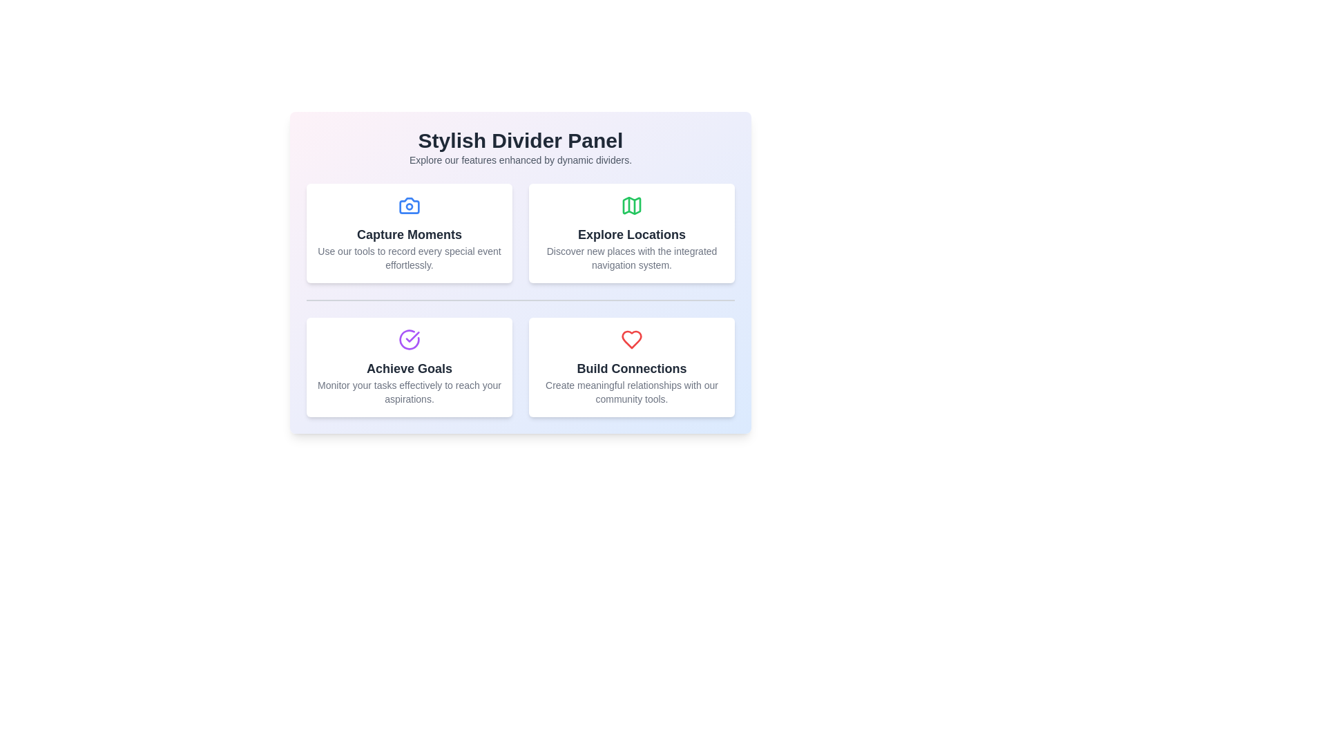 This screenshot has height=746, width=1326. Describe the element at coordinates (631, 233) in the screenshot. I see `the second informational card in the grid layout, which provides details about exploring locations` at that location.